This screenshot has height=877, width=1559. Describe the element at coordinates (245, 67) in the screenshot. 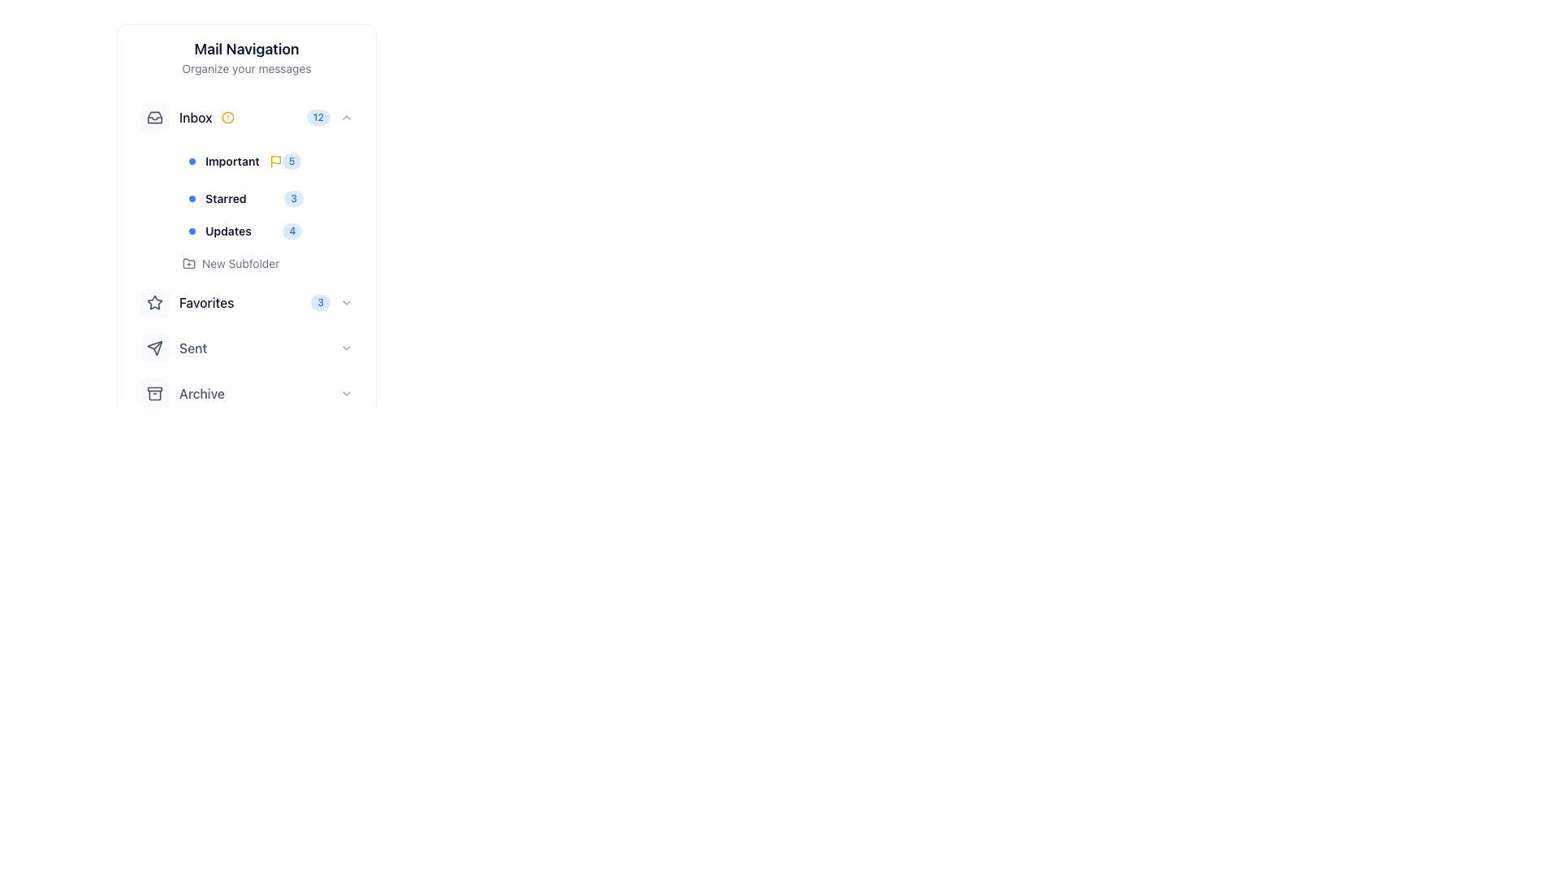

I see `the text label that says 'Organize your messages', which is styled in a smaller gray font and positioned below the 'Mail Navigation' title` at that location.